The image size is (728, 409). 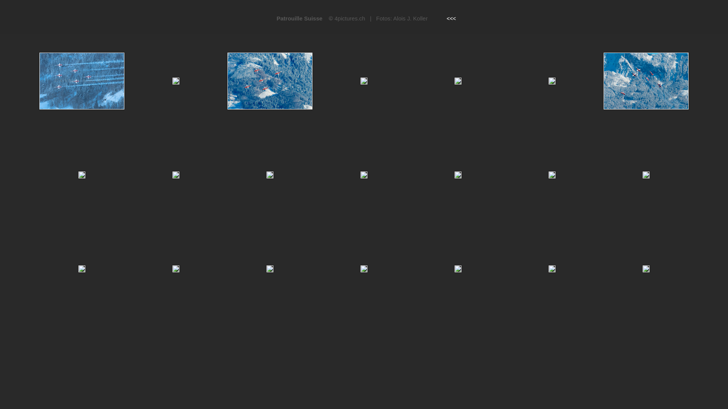 What do you see at coordinates (451, 18) in the screenshot?
I see `'<<<'` at bounding box center [451, 18].